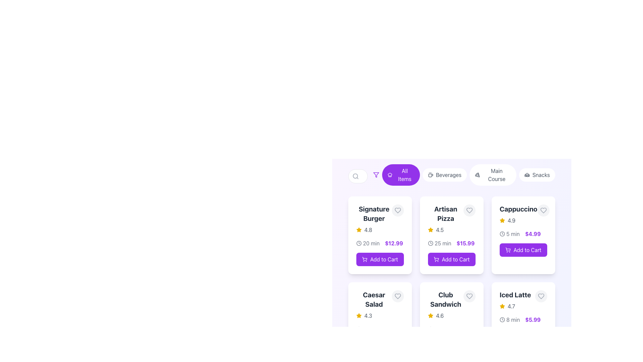 This screenshot has height=362, width=643. Describe the element at coordinates (497, 174) in the screenshot. I see `the 'Main Course' category selector text label located to the right of the 'All Items' and 'Beverages' buttons in the upper section of the interface` at that location.